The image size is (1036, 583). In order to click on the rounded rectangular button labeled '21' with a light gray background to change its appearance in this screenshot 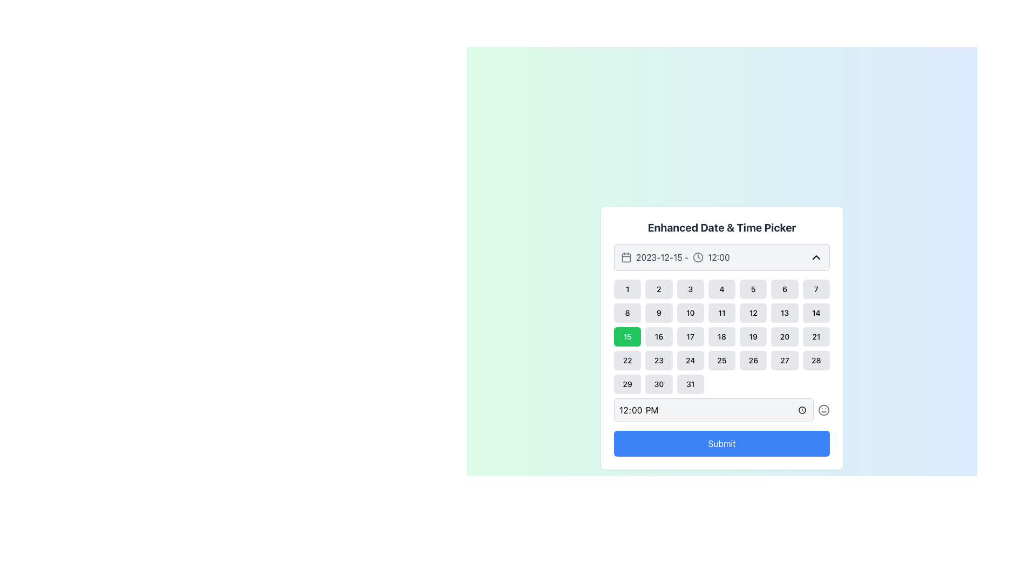, I will do `click(816, 336)`.